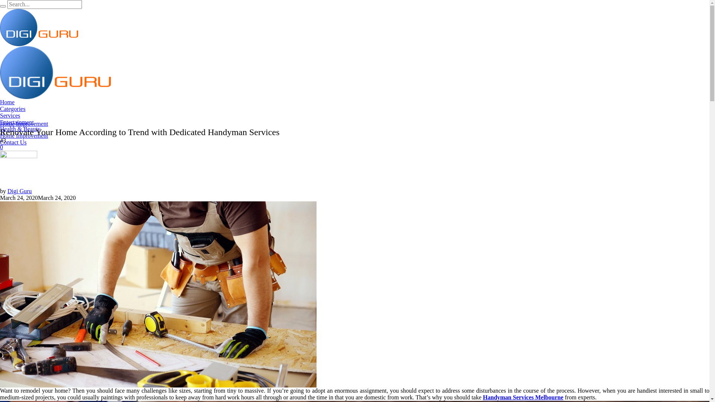 The width and height of the screenshot is (715, 402). I want to click on 'Handyman Services Melbourne', so click(158, 294).